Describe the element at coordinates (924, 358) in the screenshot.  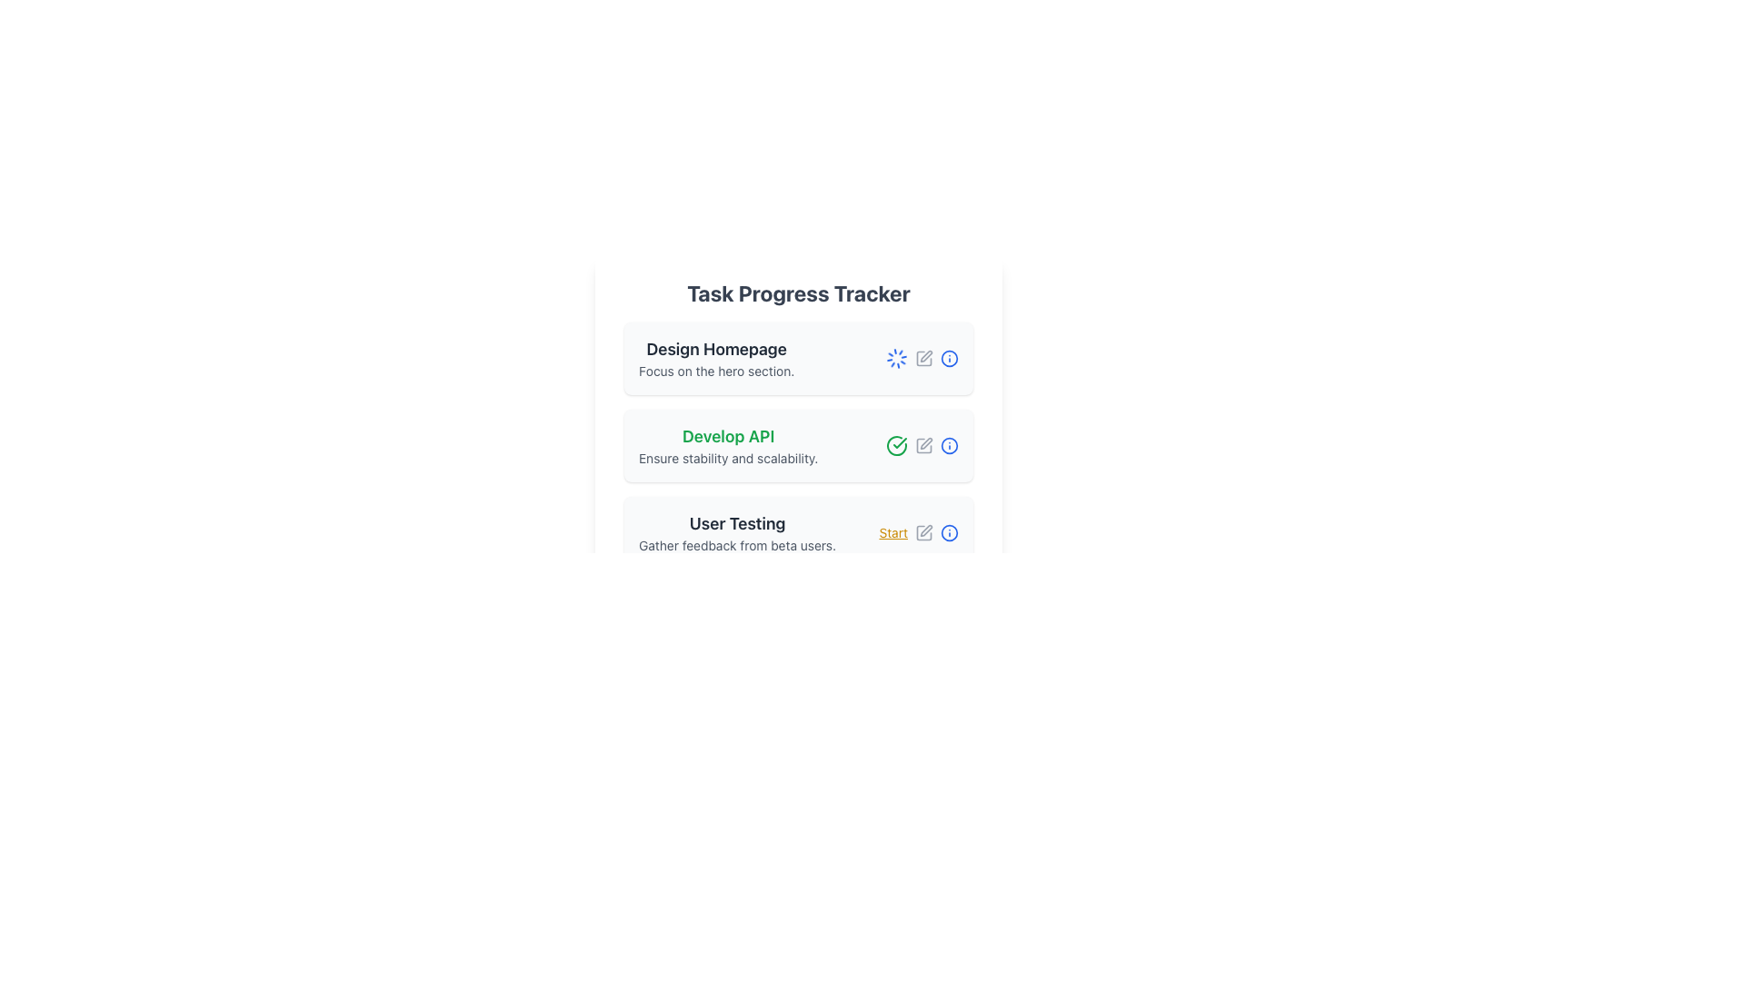
I see `the edit icon represented by a small square with a pencil overlay, located in the task card for 'Design Homepage', to change its color from gray to green` at that location.